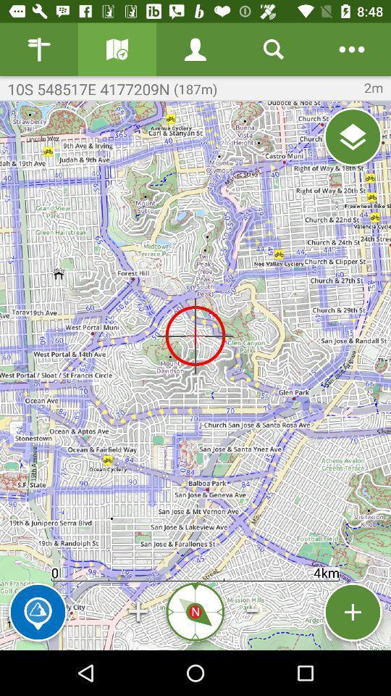  Describe the element at coordinates (352, 611) in the screenshot. I see `a location` at that location.